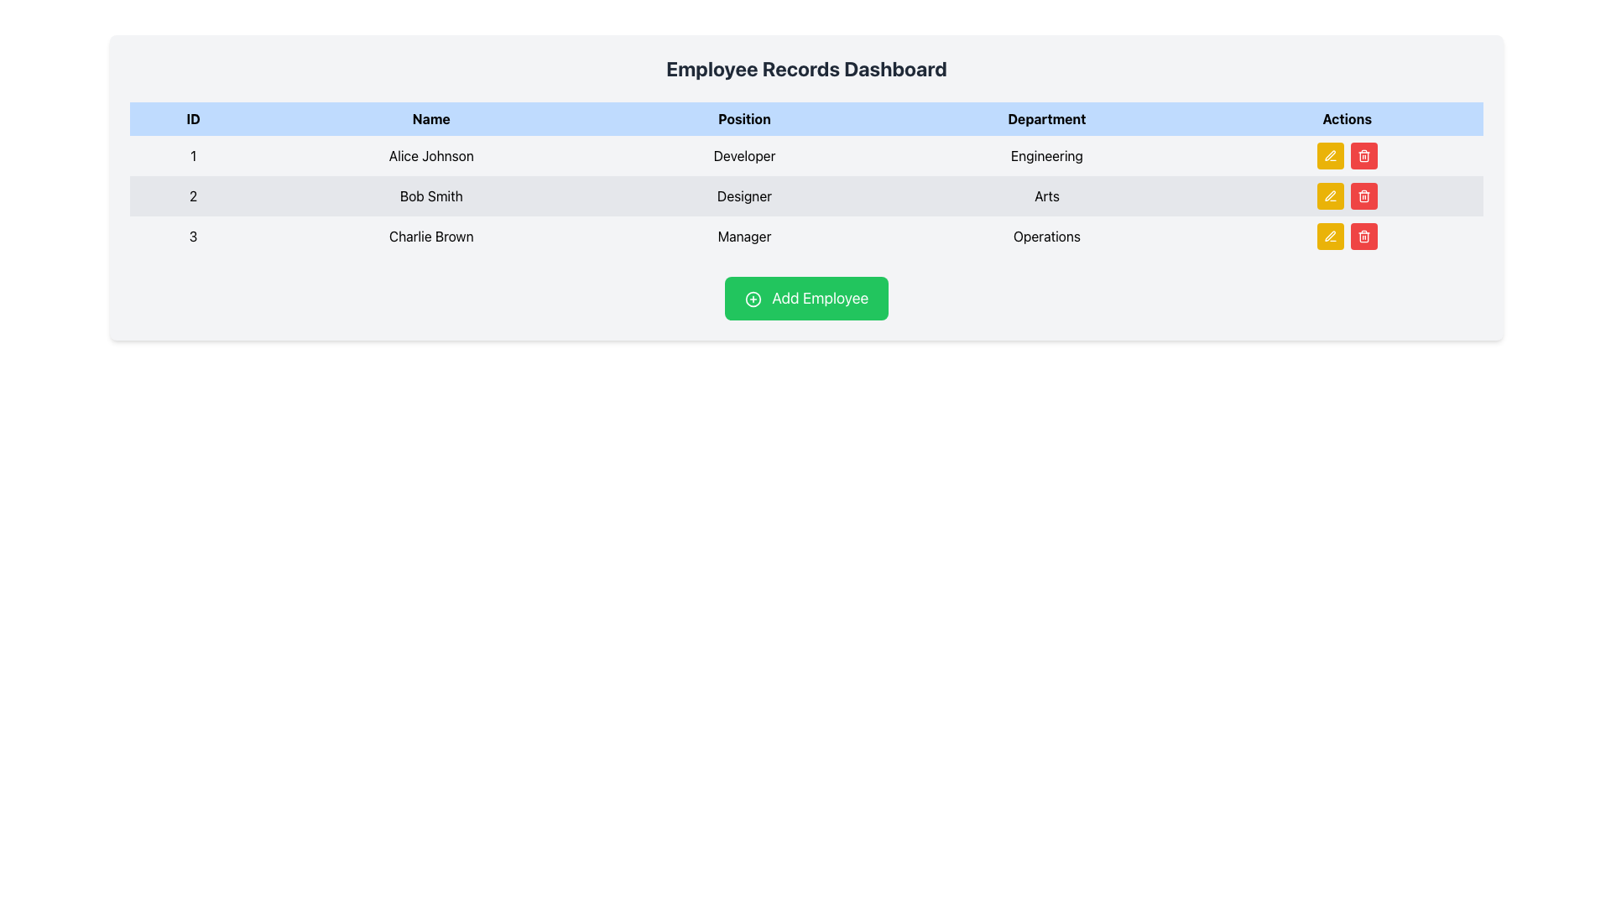 The height and width of the screenshot is (906, 1611). Describe the element at coordinates (806, 195) in the screenshot. I see `the second row of the table that contains information about employee 'Bob Smith', who is a 'Designer' in the 'Arts' department` at that location.